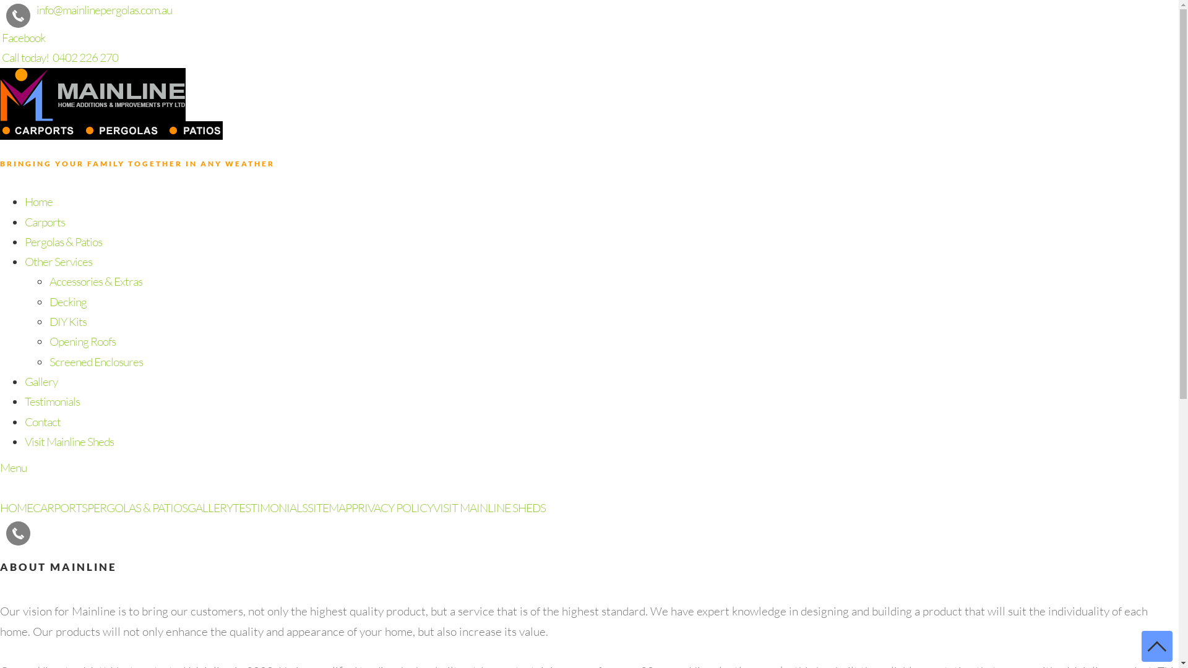  Describe the element at coordinates (37, 527) in the screenshot. I see `' '` at that location.